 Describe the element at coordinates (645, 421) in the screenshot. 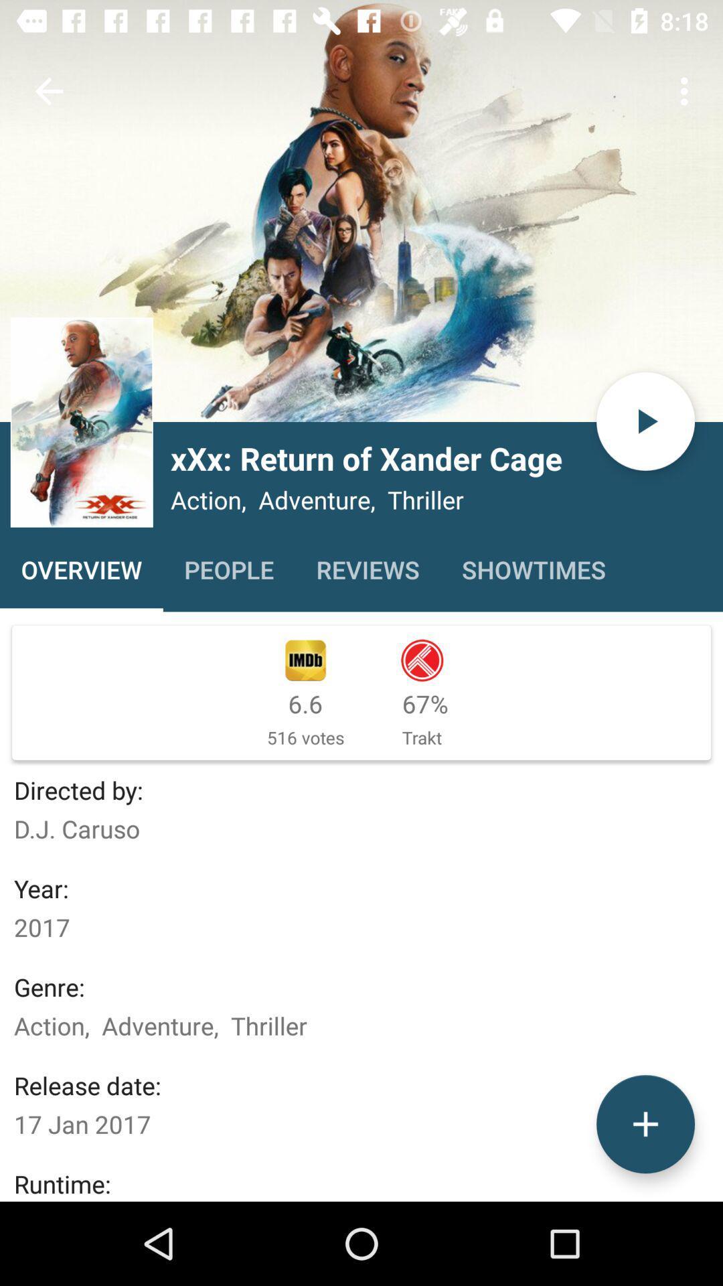

I see `the play icon` at that location.